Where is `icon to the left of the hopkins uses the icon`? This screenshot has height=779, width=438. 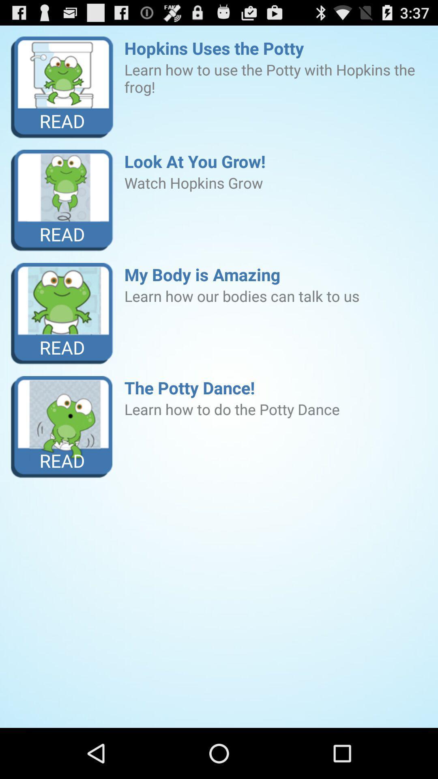 icon to the left of the hopkins uses the icon is located at coordinates (62, 88).